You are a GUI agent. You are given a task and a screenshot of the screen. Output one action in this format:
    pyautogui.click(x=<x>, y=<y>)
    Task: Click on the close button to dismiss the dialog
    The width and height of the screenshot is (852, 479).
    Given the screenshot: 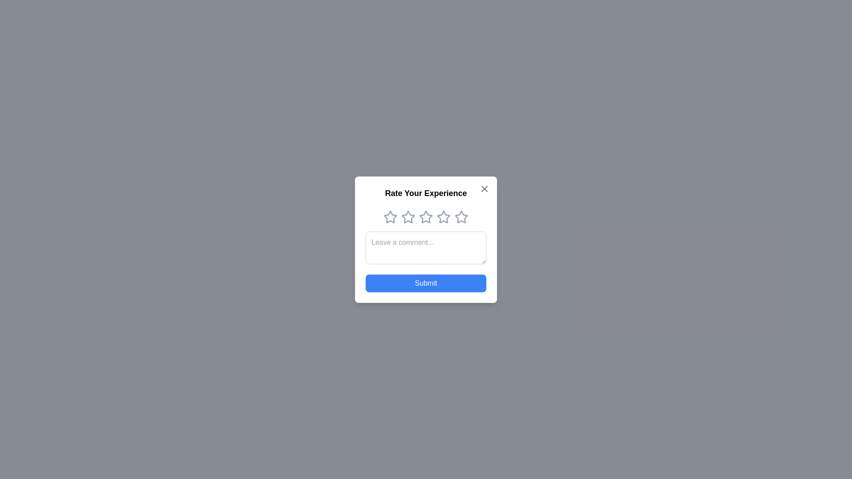 What is the action you would take?
    pyautogui.click(x=484, y=188)
    